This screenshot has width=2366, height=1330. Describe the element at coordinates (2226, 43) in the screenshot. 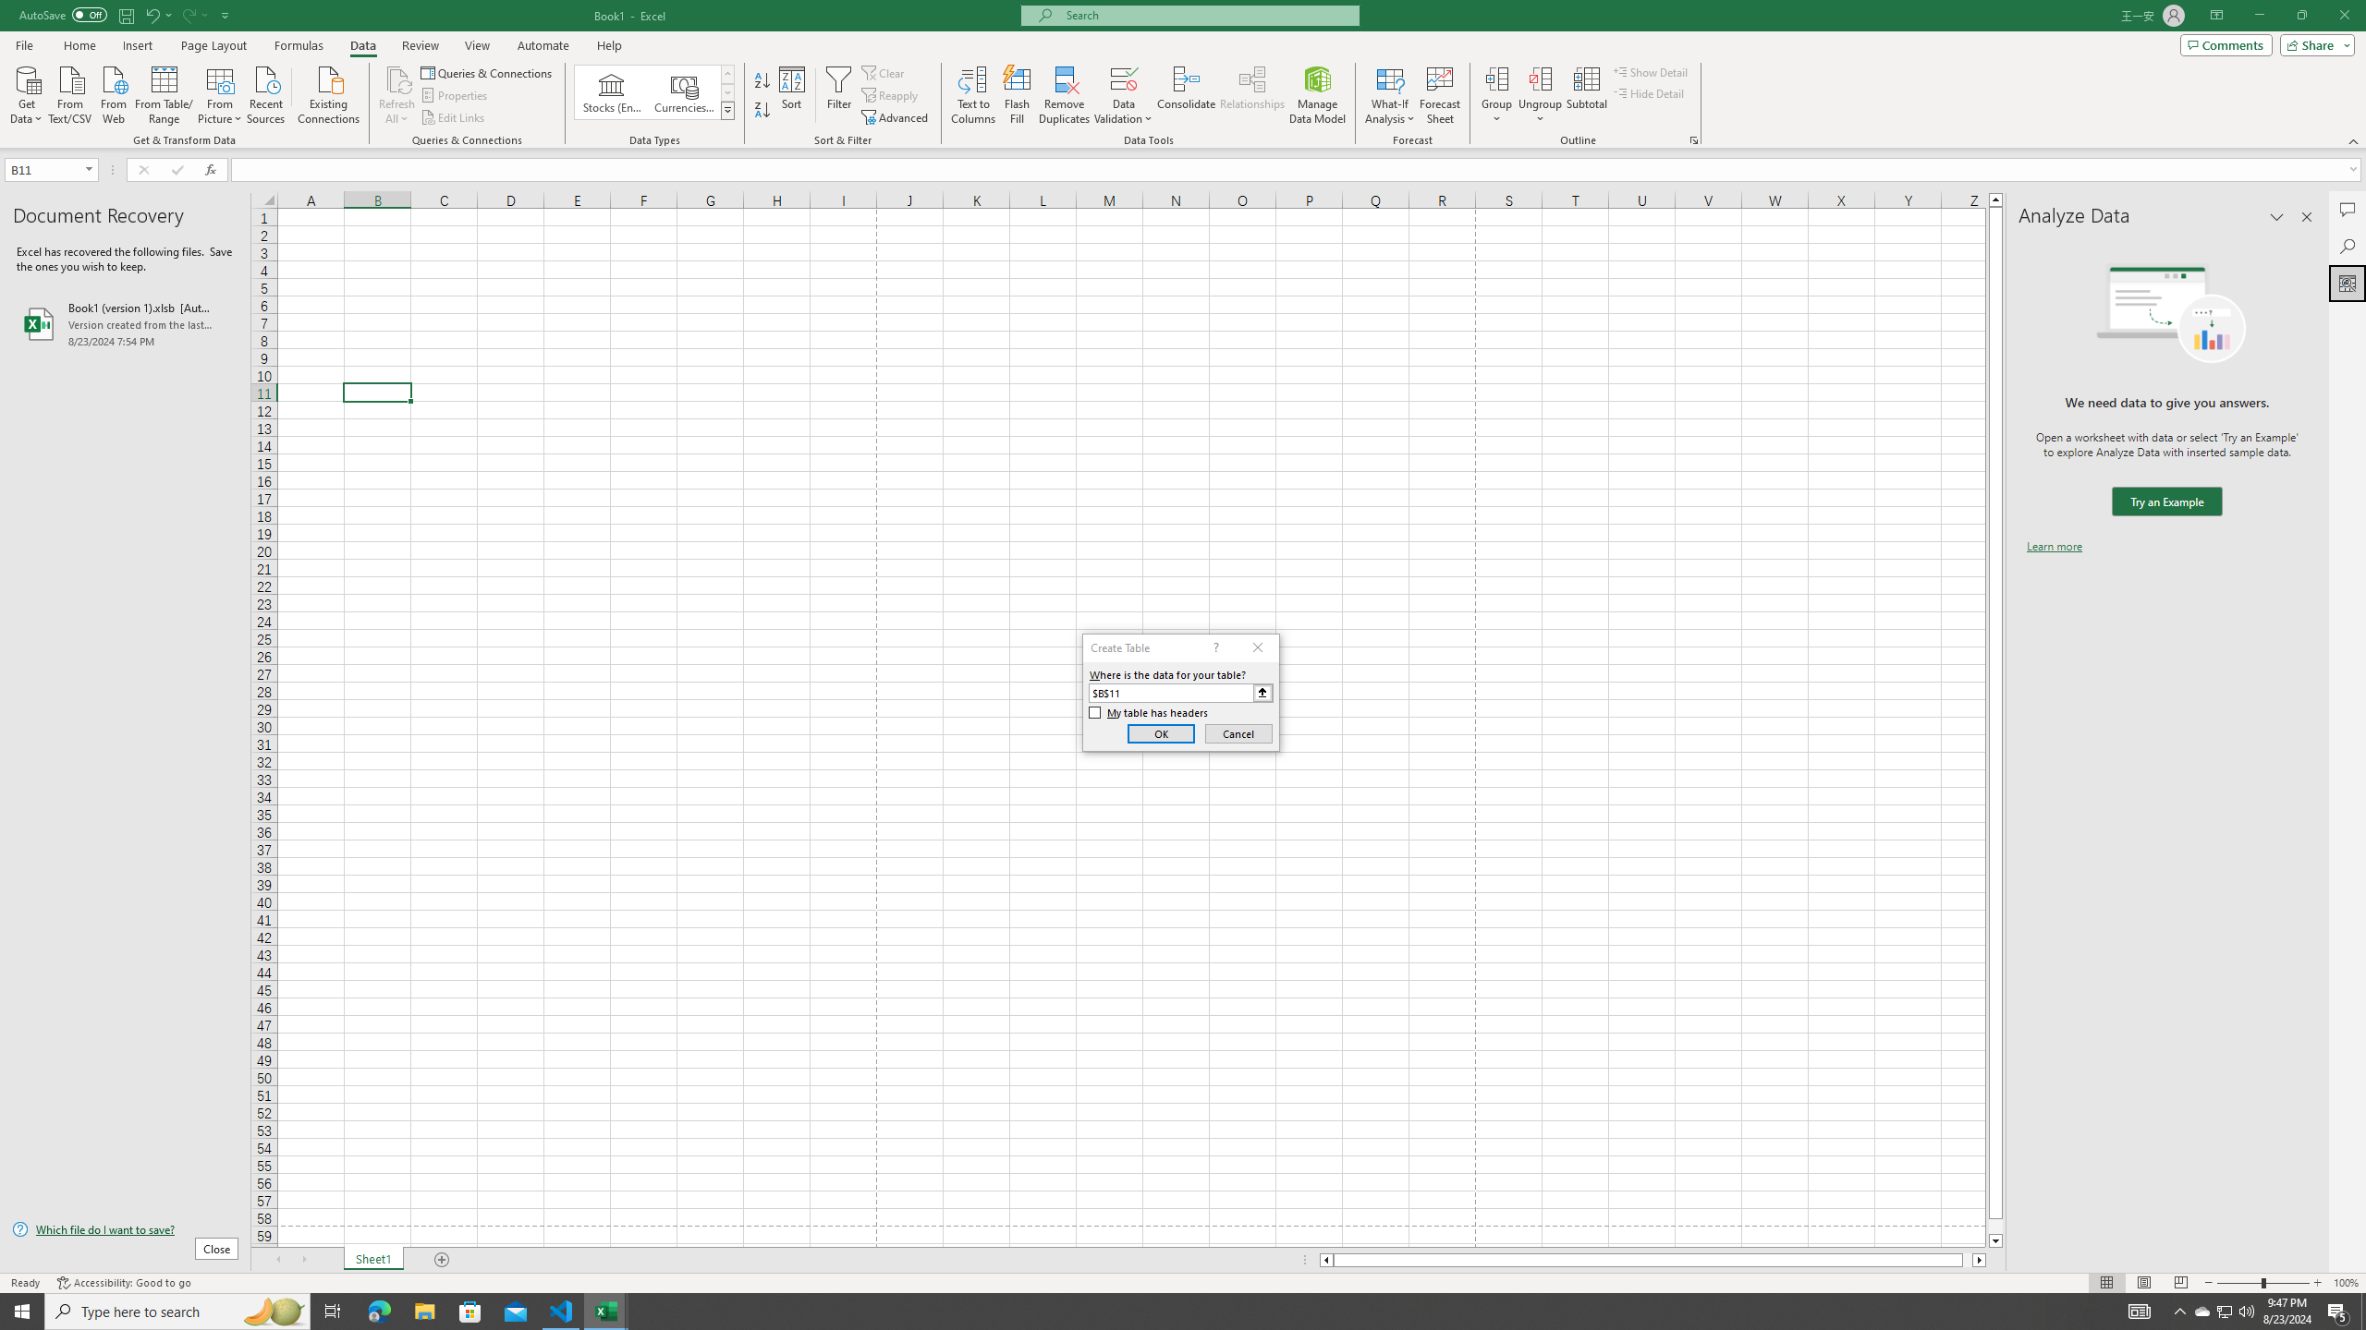

I see `'Comments'` at that location.